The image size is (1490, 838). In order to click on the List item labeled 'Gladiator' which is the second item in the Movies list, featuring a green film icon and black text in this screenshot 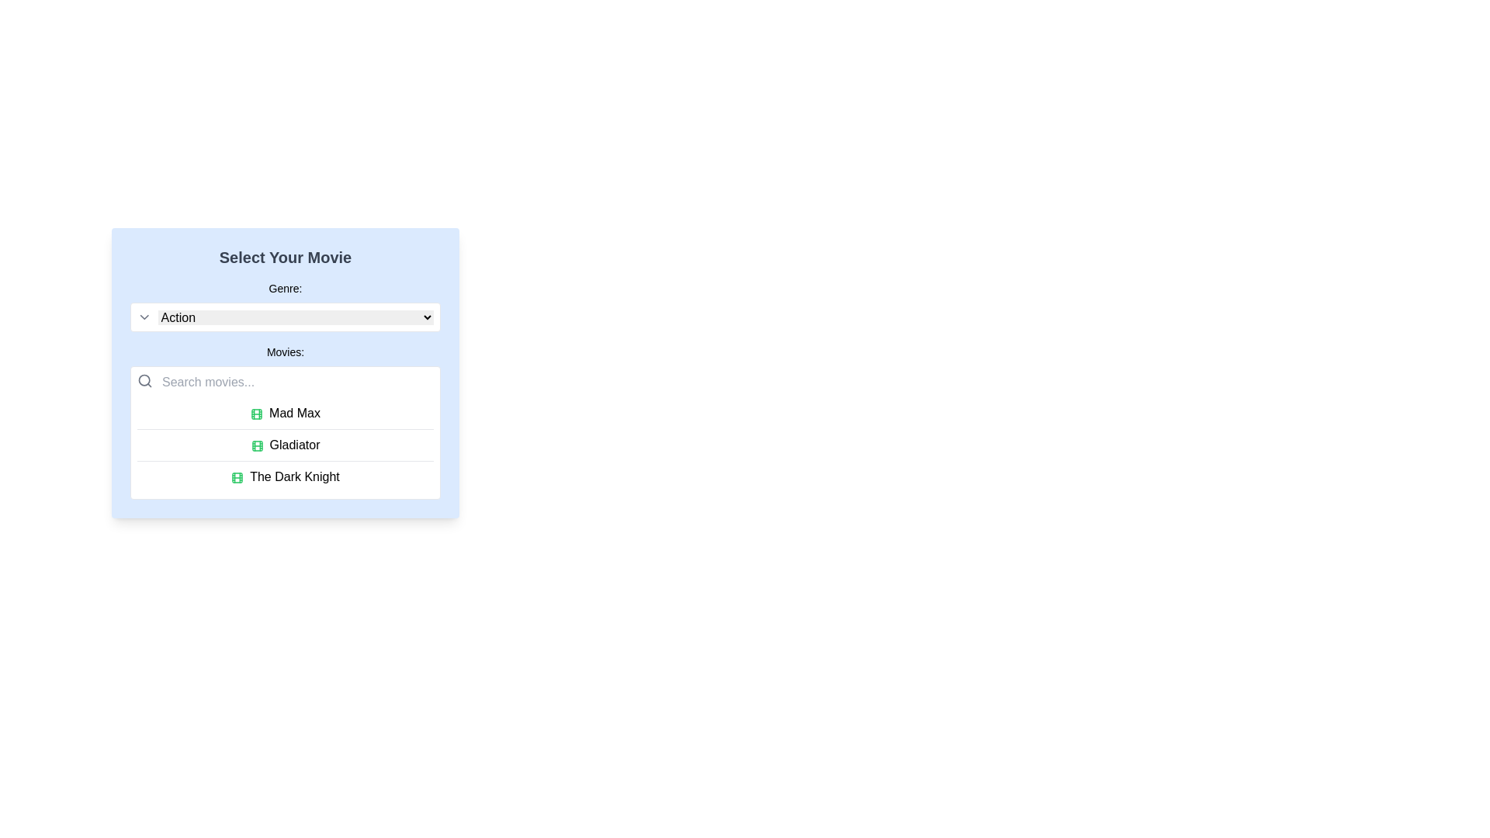, I will do `click(286, 445)`.